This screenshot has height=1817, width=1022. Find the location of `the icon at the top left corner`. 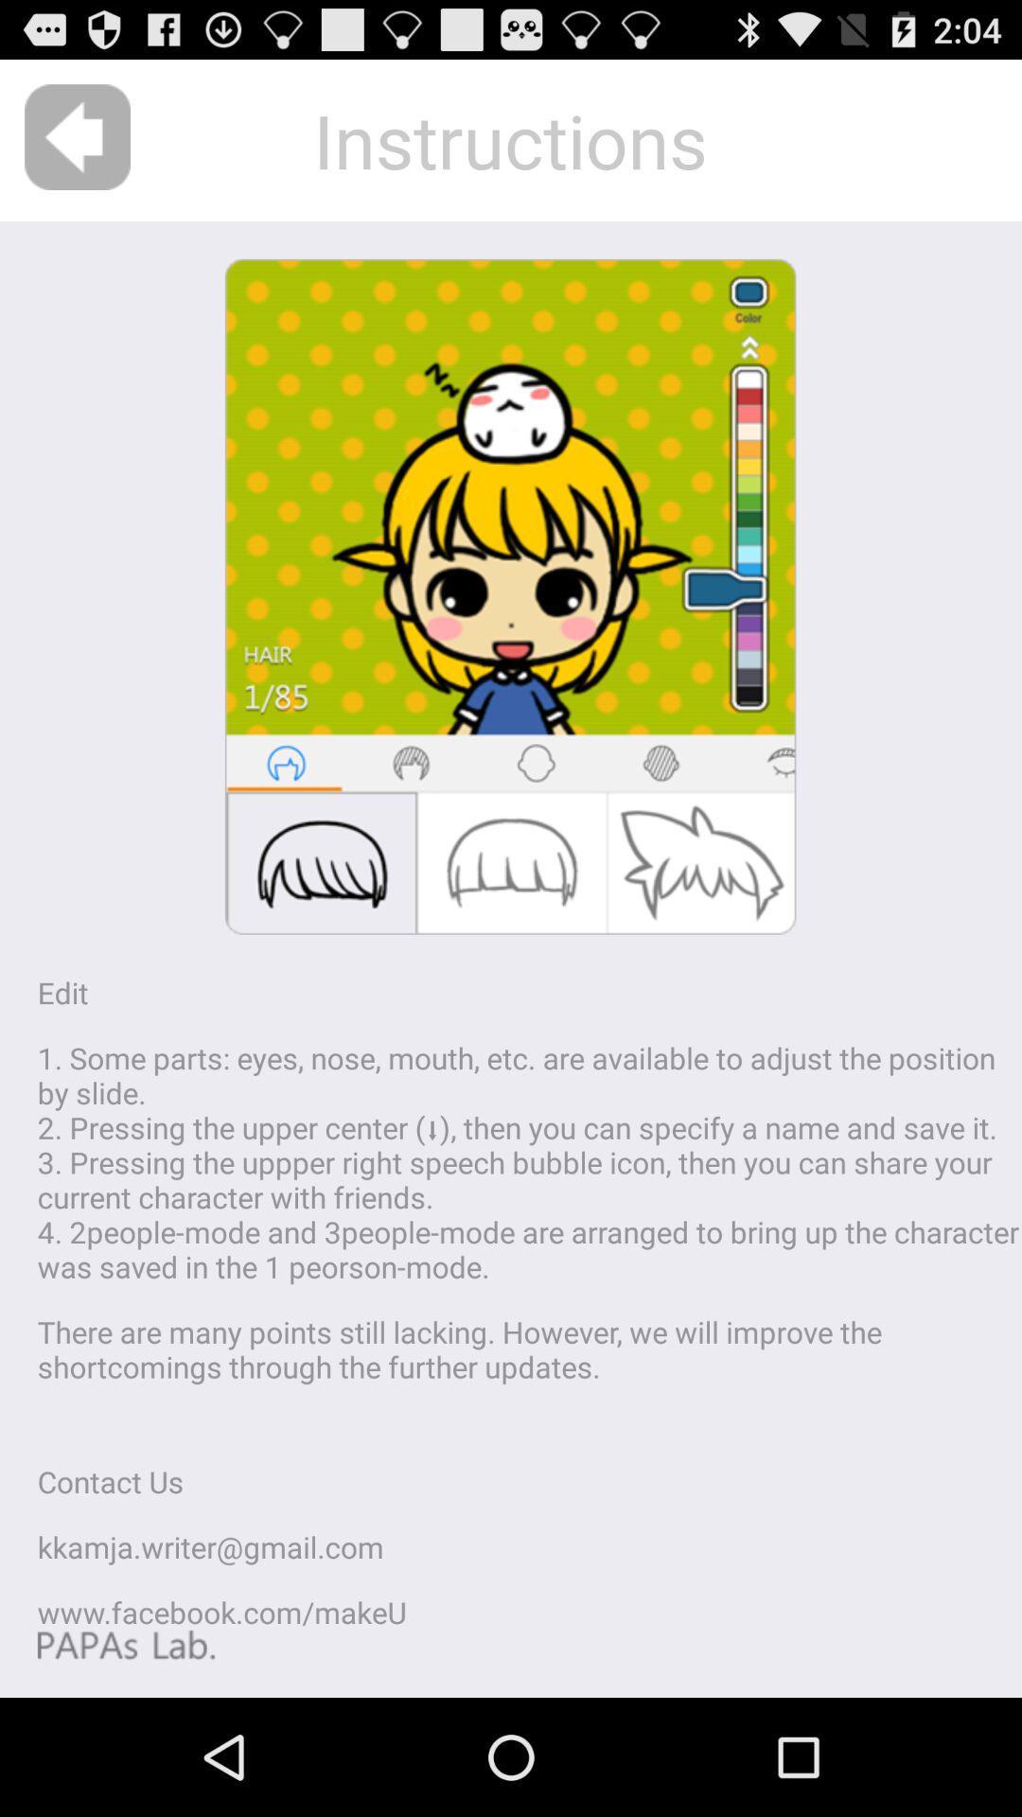

the icon at the top left corner is located at coordinates (77, 136).